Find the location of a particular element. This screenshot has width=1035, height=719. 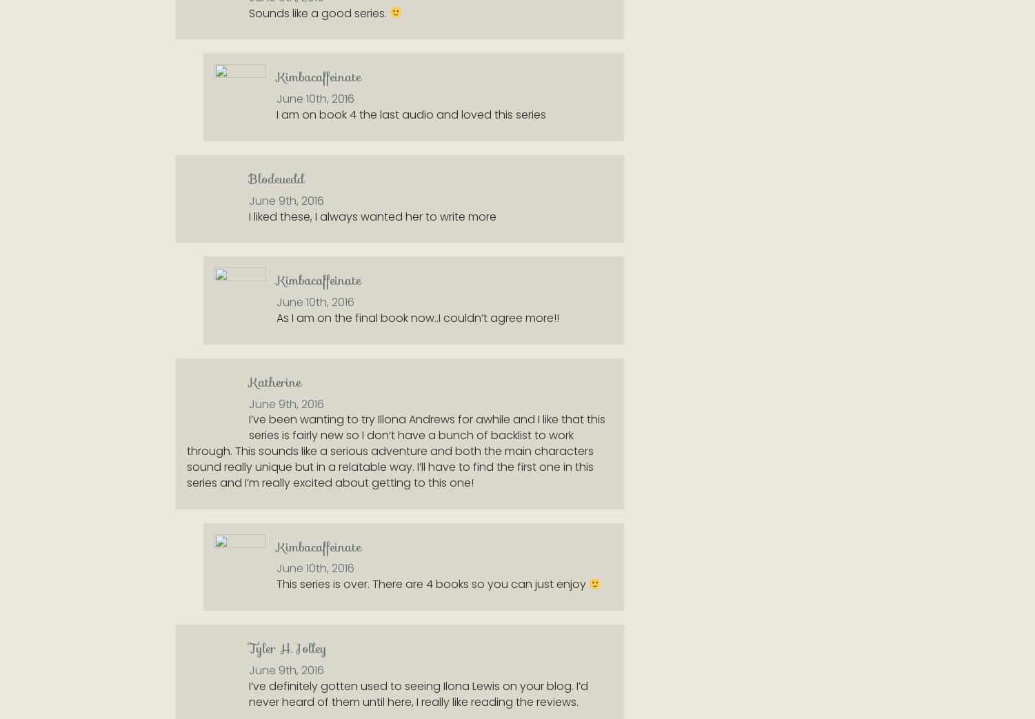

'I am on book 4 the last audio and loved this series' is located at coordinates (411, 114).